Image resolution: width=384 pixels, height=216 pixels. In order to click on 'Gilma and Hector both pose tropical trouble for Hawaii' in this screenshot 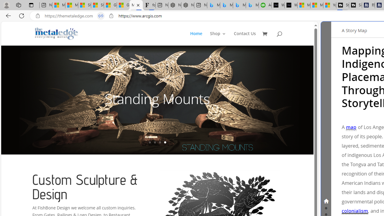, I will do `click(123, 5)`.